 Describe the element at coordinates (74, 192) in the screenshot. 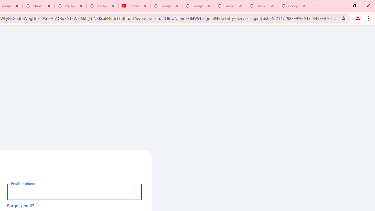

I see `'Email or phone'` at that location.